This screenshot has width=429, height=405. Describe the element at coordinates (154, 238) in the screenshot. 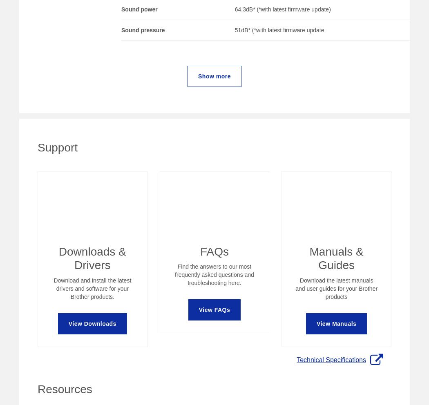

I see `'FAQs and Manuals'` at that location.